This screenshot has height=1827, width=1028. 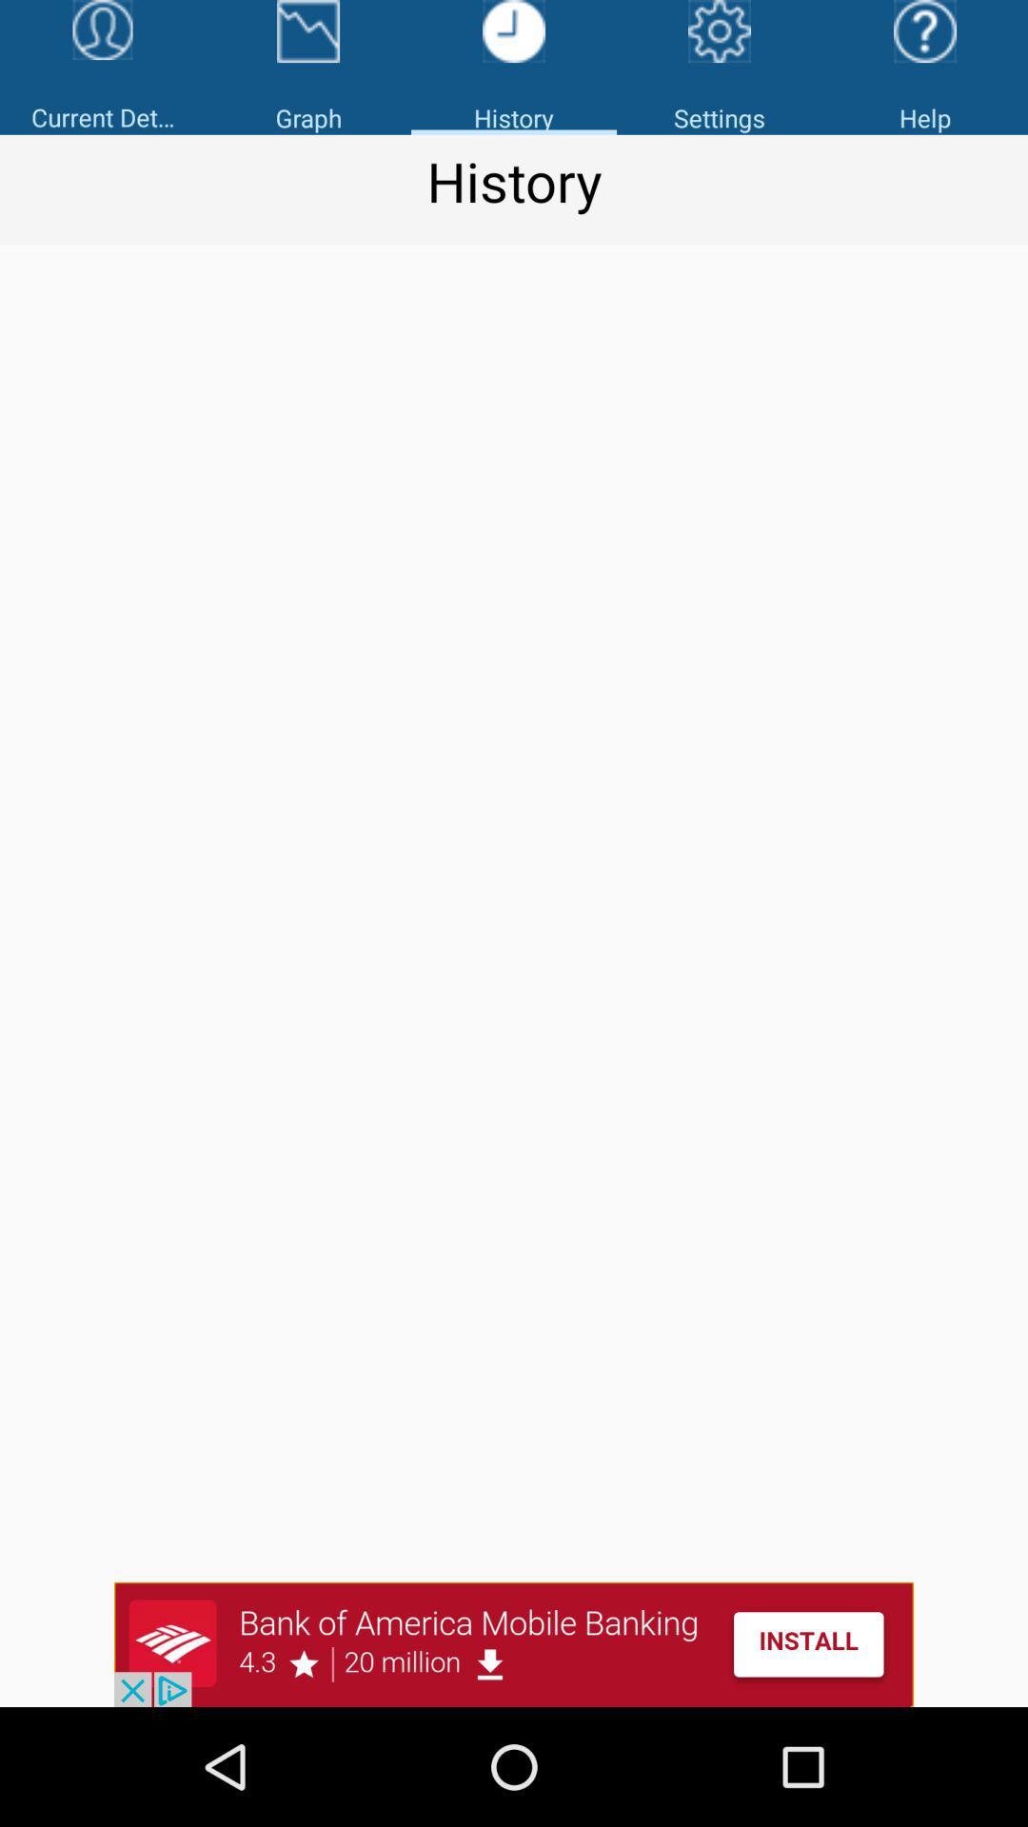 What do you see at coordinates (514, 1643) in the screenshot?
I see `advertisement page` at bounding box center [514, 1643].